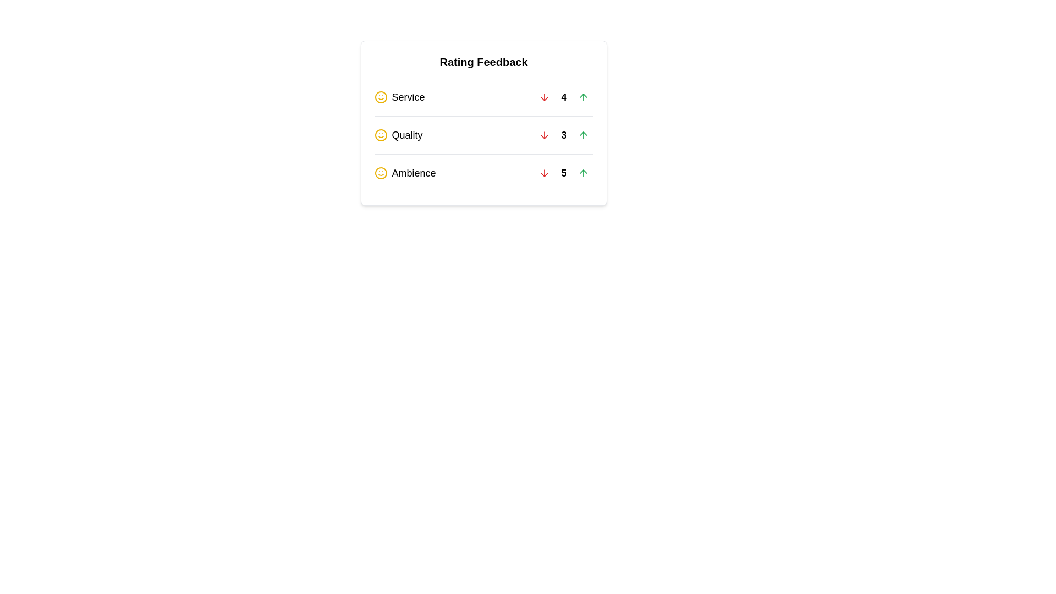 Image resolution: width=1056 pixels, height=594 pixels. What do you see at coordinates (564, 173) in the screenshot?
I see `the bold numeral '5' in the rating interface, which is located between the red down arrow and the green up arrow in the Ambience section` at bounding box center [564, 173].